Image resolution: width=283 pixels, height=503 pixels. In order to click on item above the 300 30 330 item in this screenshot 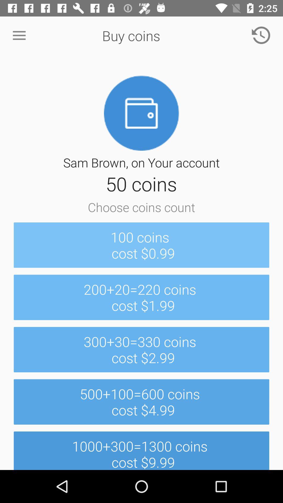, I will do `click(141, 297)`.